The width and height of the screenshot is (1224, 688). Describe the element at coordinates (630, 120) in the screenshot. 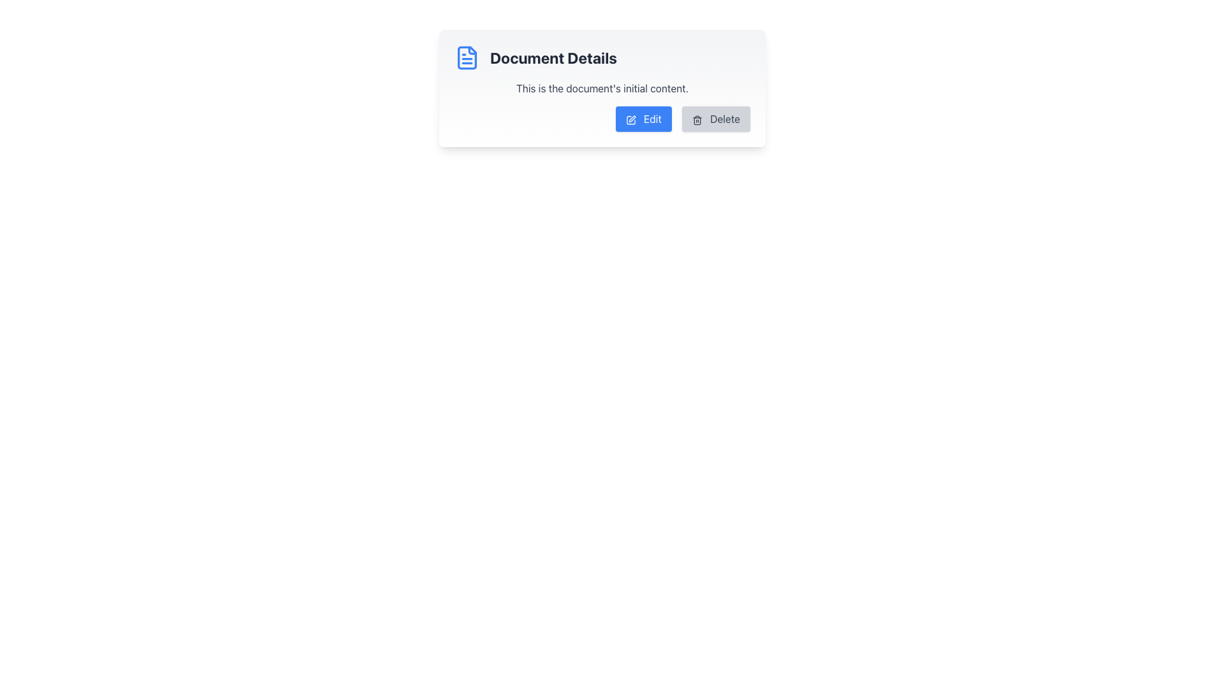

I see `the small square-shaped icon with a pen symbol, which is styled with a blue background and white outline, located within the 'Edit' button` at that location.